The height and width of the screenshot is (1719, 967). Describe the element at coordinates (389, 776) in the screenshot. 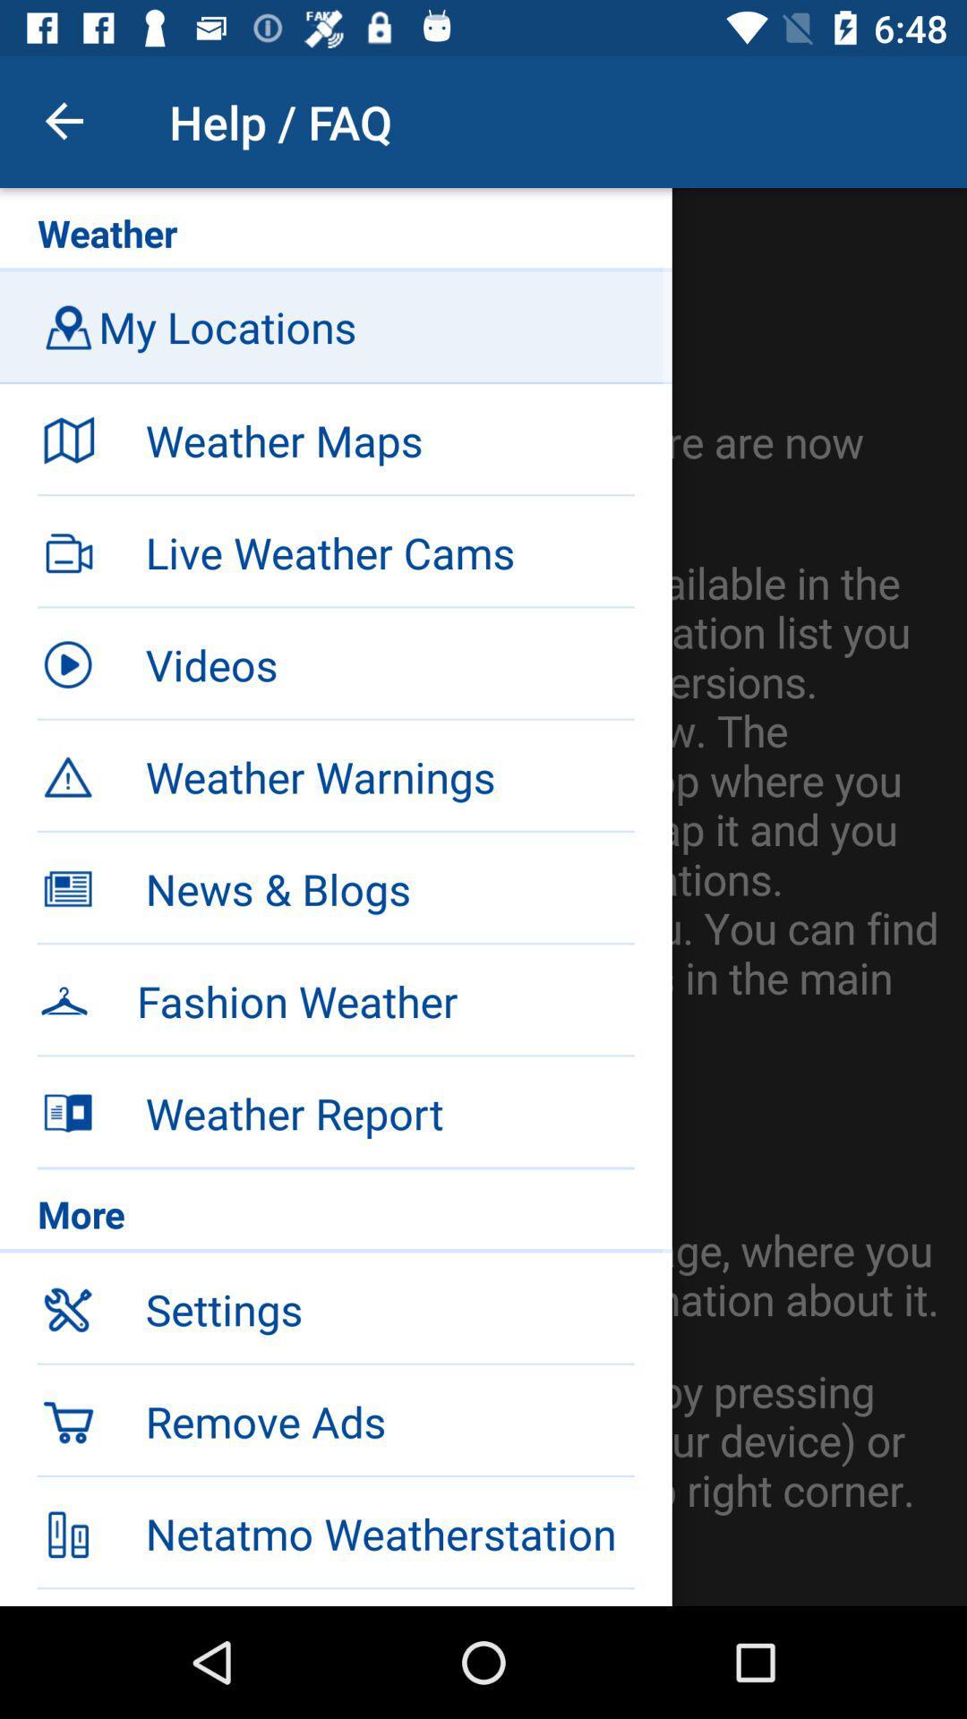

I see `the weather warnings` at that location.